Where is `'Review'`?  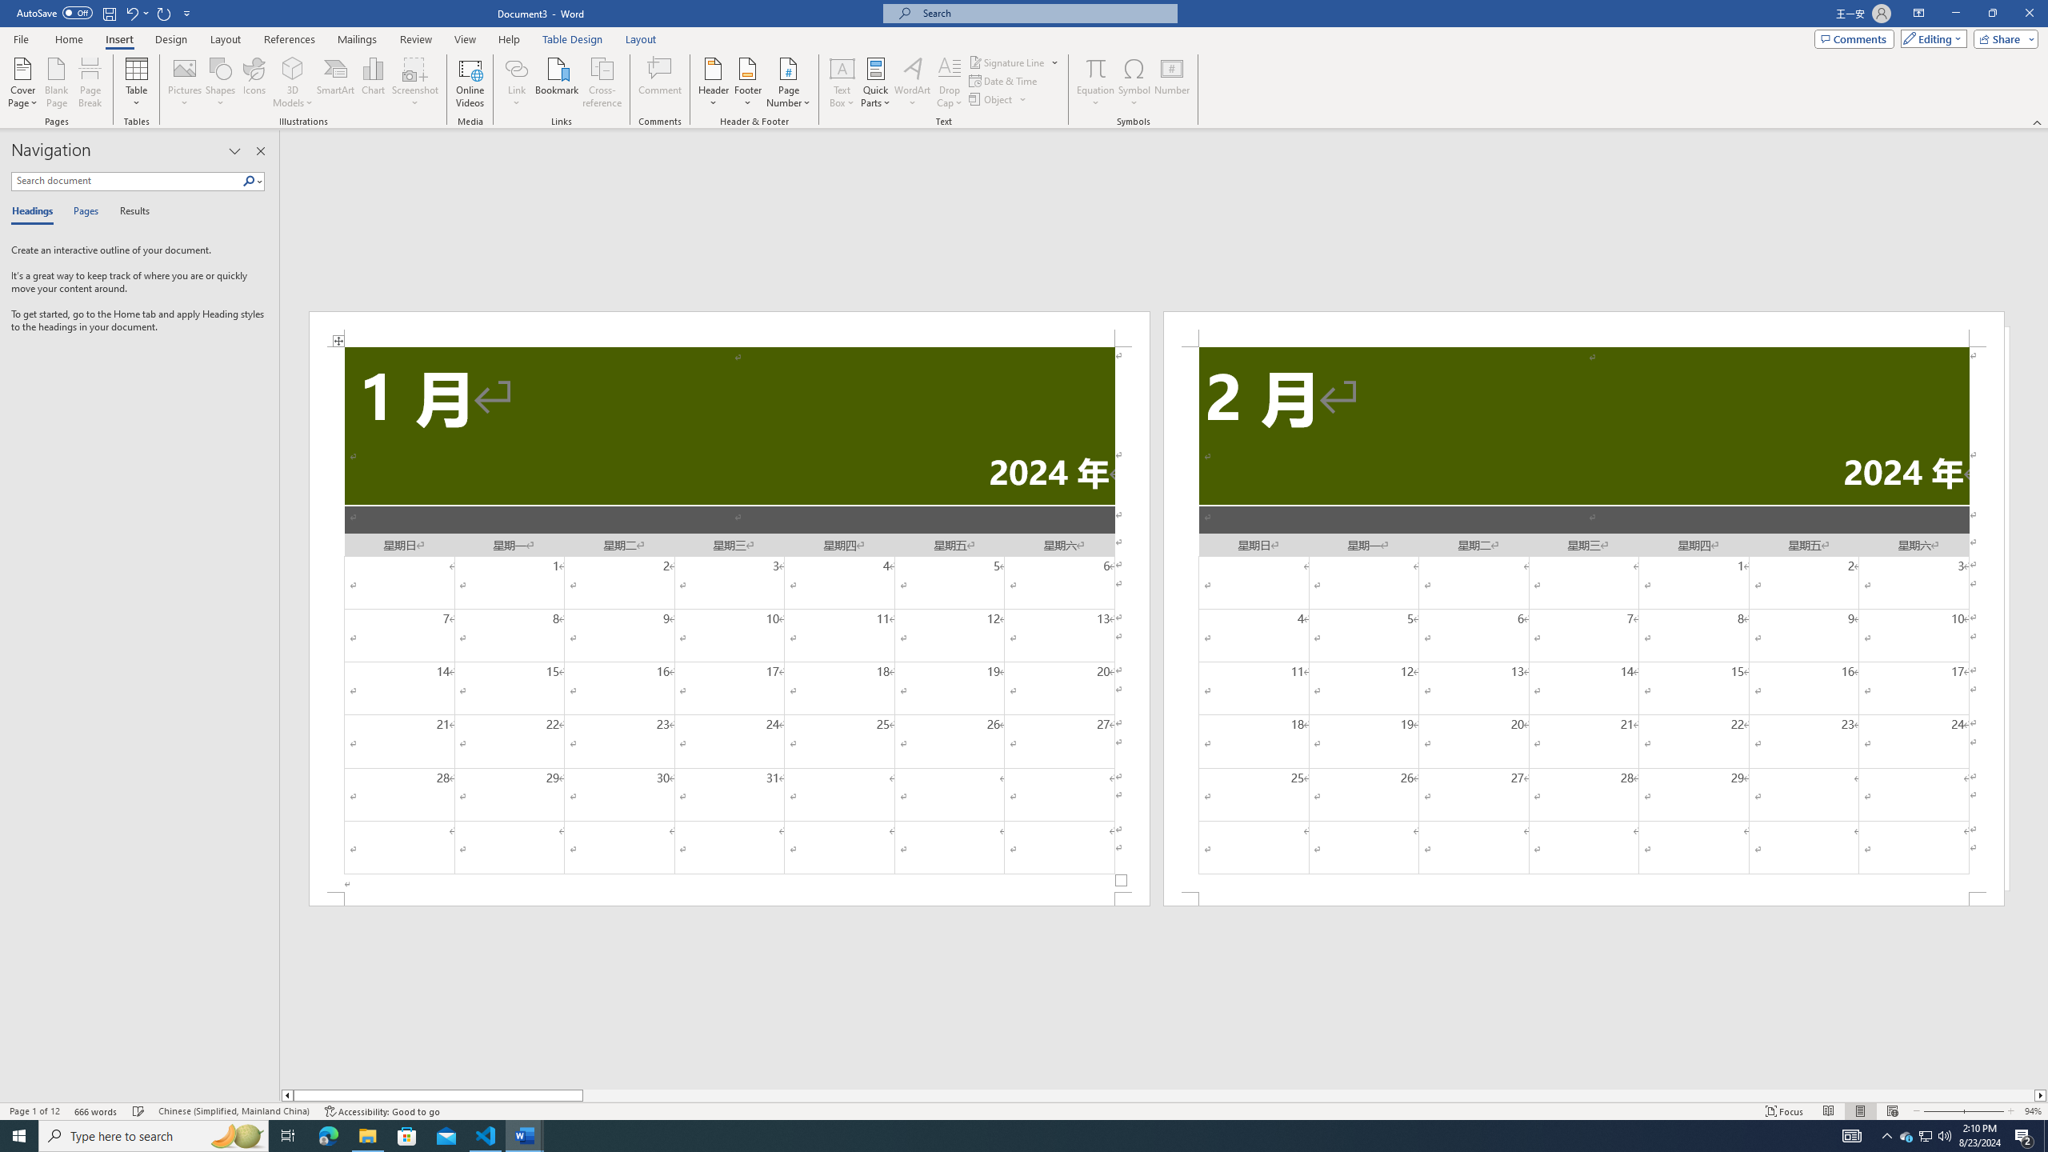
'Review' is located at coordinates (414, 39).